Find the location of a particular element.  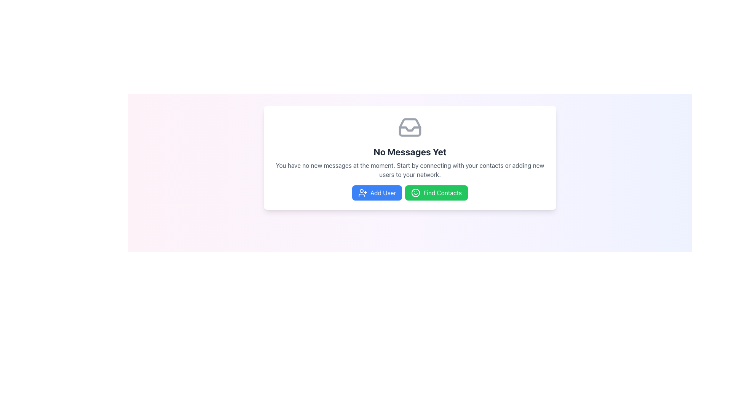

the bold text component displaying 'No Messages Yet', which is centrally positioned below the inbox icon and above a descriptive text paragraph is located at coordinates (409, 151).